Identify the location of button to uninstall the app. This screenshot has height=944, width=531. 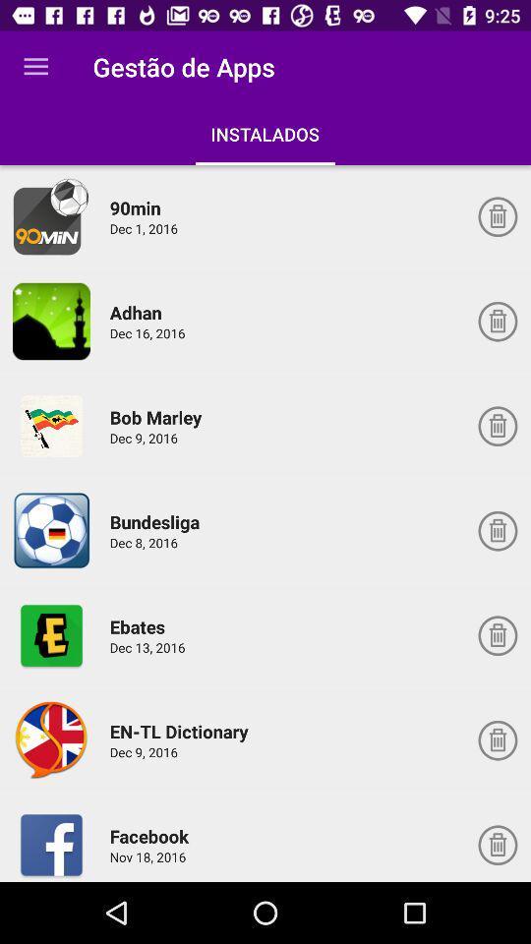
(497, 216).